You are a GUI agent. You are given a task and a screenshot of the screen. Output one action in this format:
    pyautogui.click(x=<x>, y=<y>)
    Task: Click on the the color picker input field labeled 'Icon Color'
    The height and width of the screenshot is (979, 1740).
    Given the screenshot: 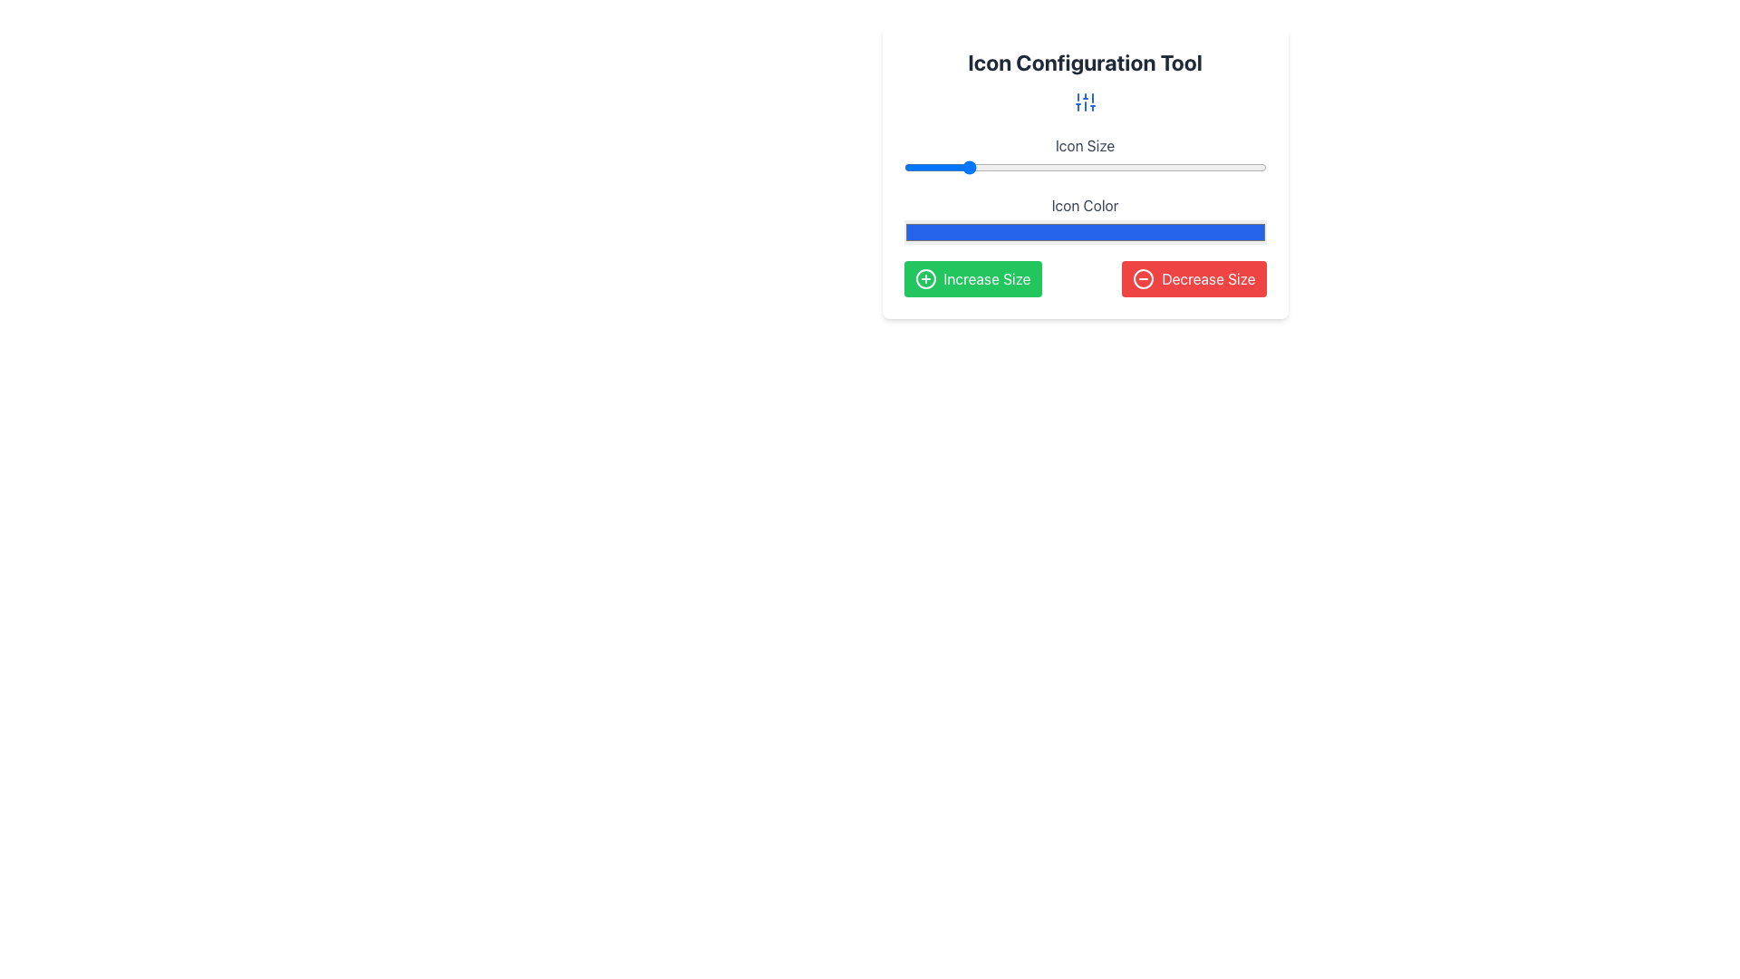 What is the action you would take?
    pyautogui.click(x=1085, y=215)
    